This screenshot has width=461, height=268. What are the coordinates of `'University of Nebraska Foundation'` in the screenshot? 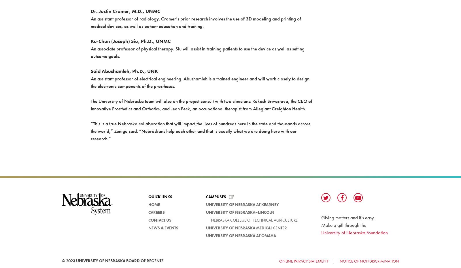 It's located at (321, 232).